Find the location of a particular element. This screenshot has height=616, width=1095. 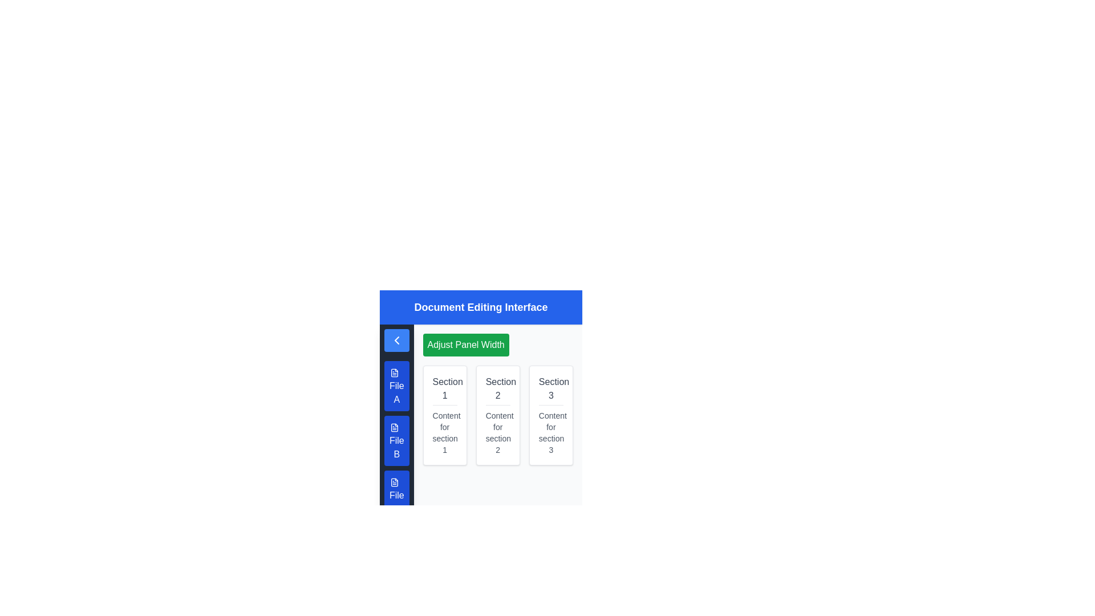

the back button with an SVG icon located in the vertical sidebar is located at coordinates (396, 340).